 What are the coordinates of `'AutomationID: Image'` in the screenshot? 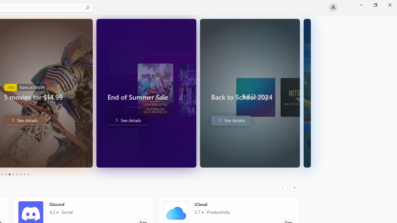 It's located at (261, 93).